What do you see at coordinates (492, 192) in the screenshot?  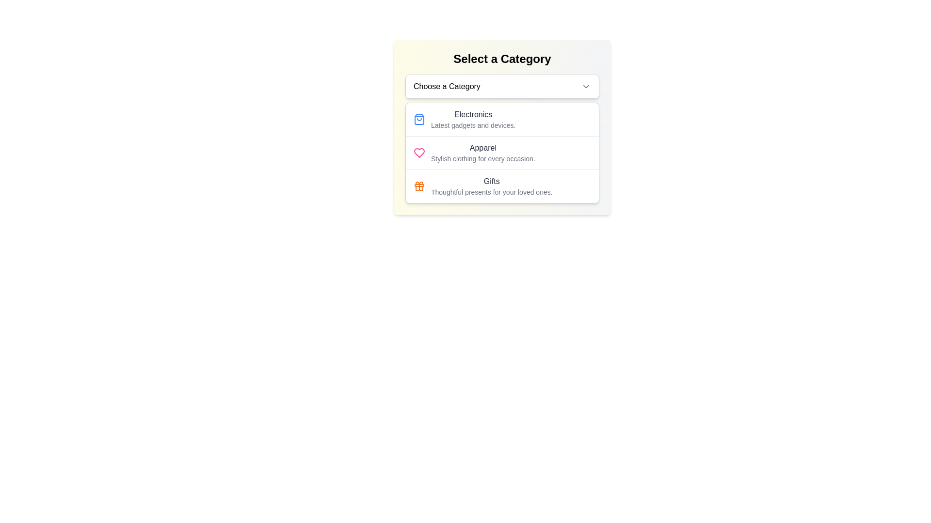 I see `the text element that reads 'Thoughtful presents for your loved ones.' which is styled in gray and located below the 'Gifts' title in the 'Select a Category' dropdown menu` at bounding box center [492, 192].